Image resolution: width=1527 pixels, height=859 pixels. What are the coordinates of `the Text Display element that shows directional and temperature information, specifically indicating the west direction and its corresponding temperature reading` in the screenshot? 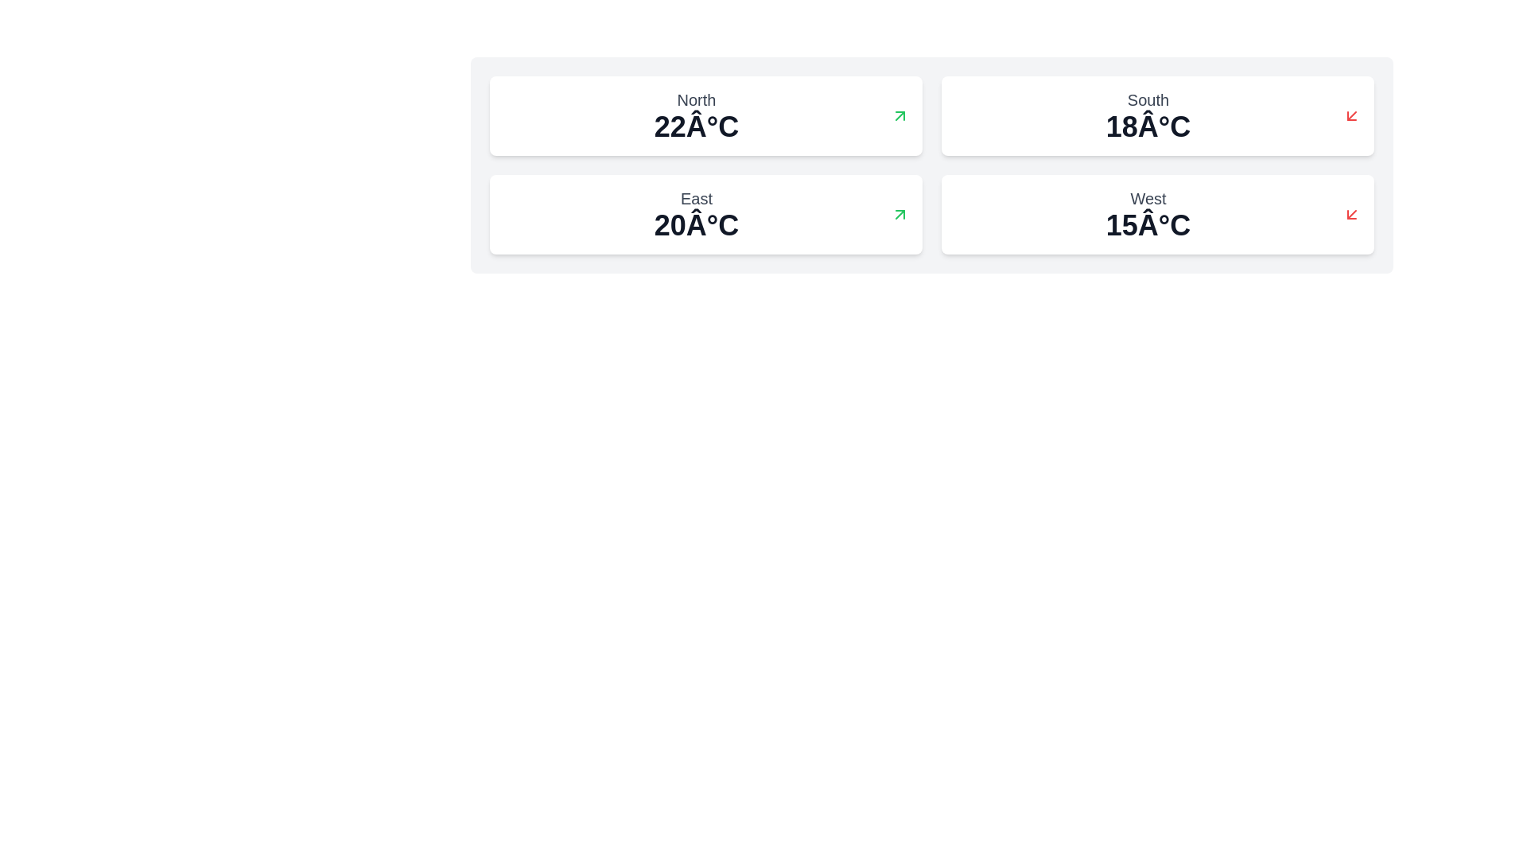 It's located at (1148, 215).